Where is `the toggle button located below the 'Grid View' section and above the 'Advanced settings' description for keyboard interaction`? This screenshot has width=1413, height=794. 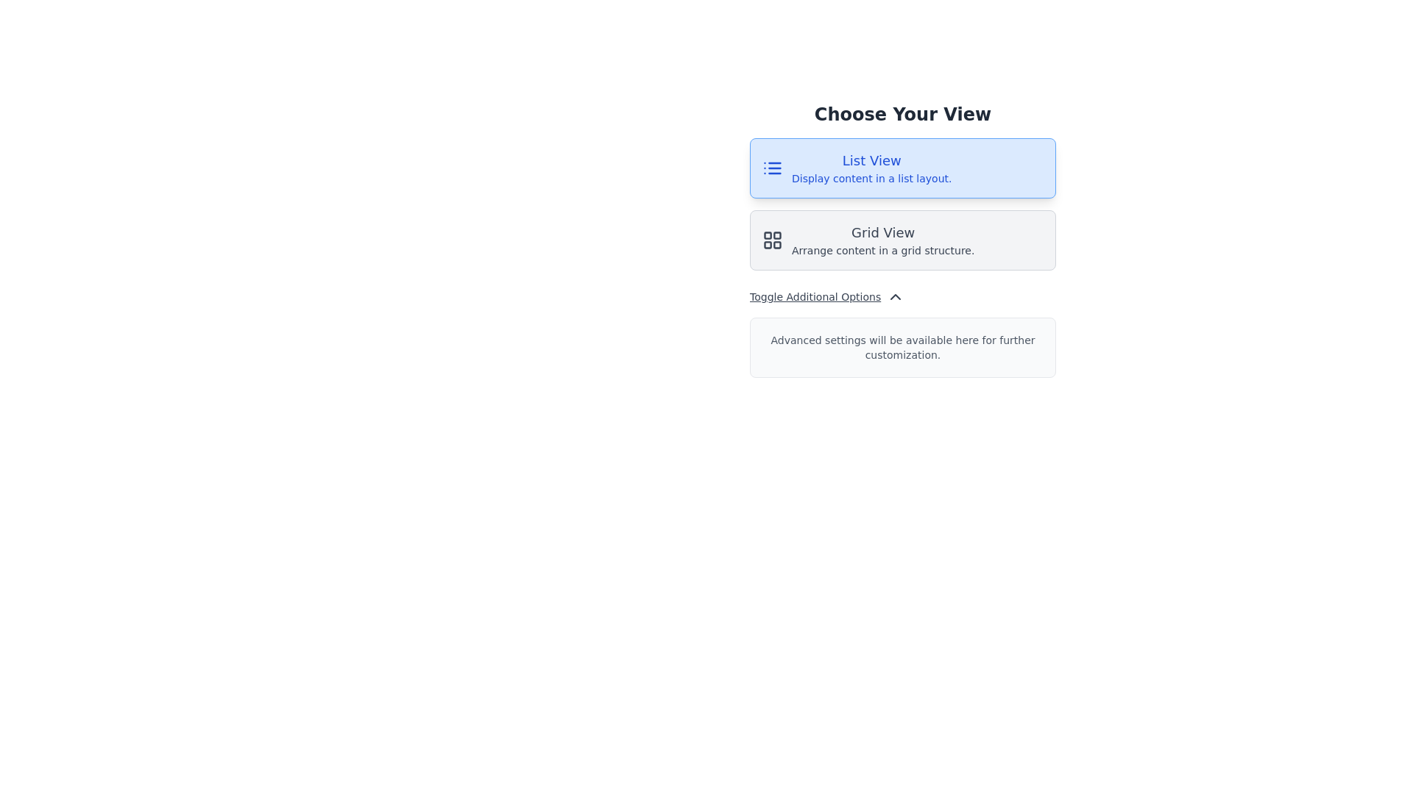
the toggle button located below the 'Grid View' section and above the 'Advanced settings' description for keyboard interaction is located at coordinates (827, 297).